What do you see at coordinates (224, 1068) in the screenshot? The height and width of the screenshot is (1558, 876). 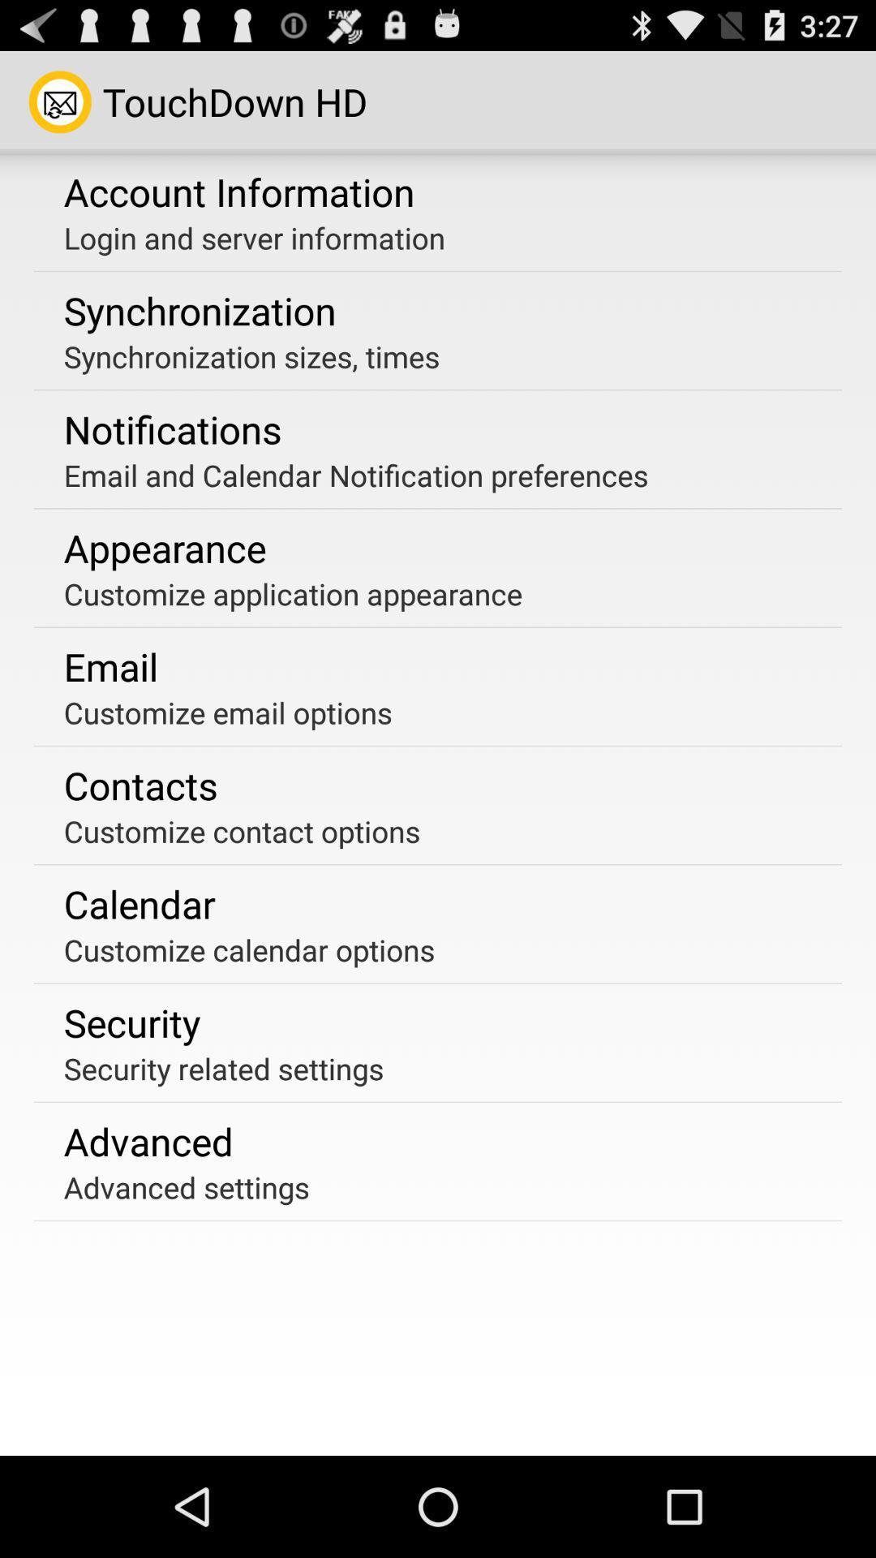 I see `the security related settings app` at bounding box center [224, 1068].